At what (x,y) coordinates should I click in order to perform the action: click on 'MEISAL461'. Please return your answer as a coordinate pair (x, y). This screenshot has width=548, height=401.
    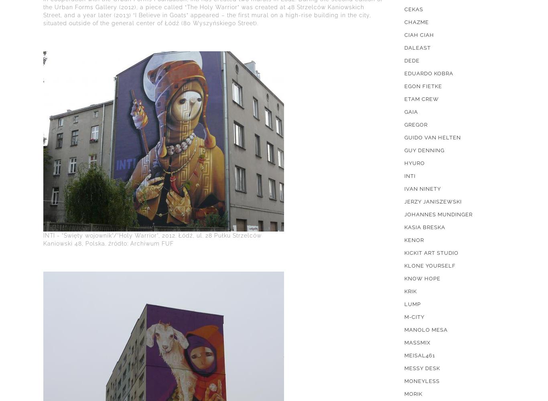
    Looking at the image, I should click on (419, 355).